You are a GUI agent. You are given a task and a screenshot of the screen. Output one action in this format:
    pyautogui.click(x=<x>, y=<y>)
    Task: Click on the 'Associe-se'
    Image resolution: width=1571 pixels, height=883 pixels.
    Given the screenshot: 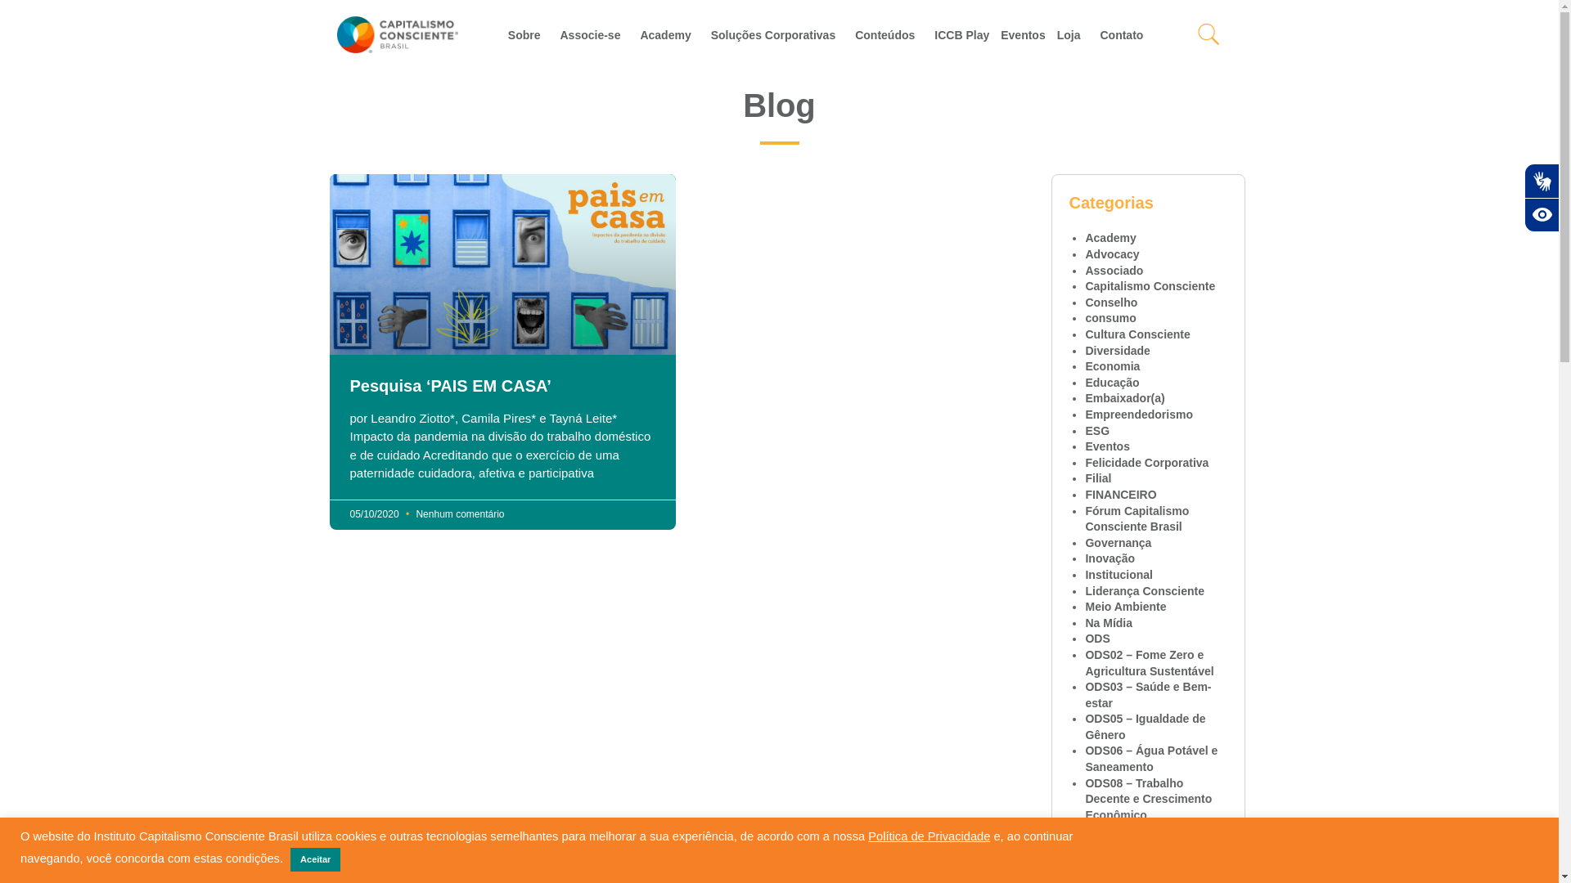 What is the action you would take?
    pyautogui.click(x=553, y=34)
    